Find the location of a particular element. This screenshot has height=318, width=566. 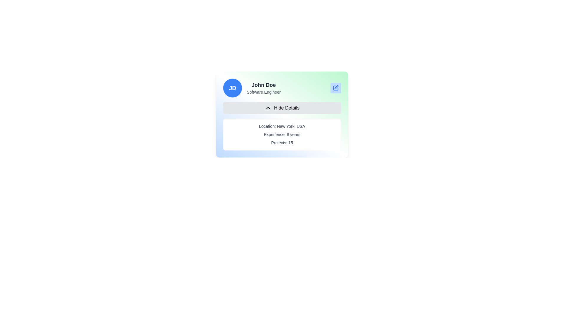

the 'Hide Details' button, which is a rectangular button with a light gray background and an upward arrow icon is located at coordinates (282, 108).